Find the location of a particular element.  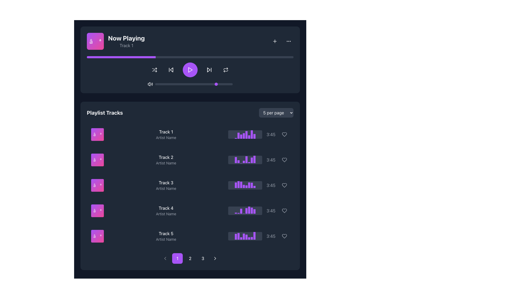

playback progress is located at coordinates (93, 57).